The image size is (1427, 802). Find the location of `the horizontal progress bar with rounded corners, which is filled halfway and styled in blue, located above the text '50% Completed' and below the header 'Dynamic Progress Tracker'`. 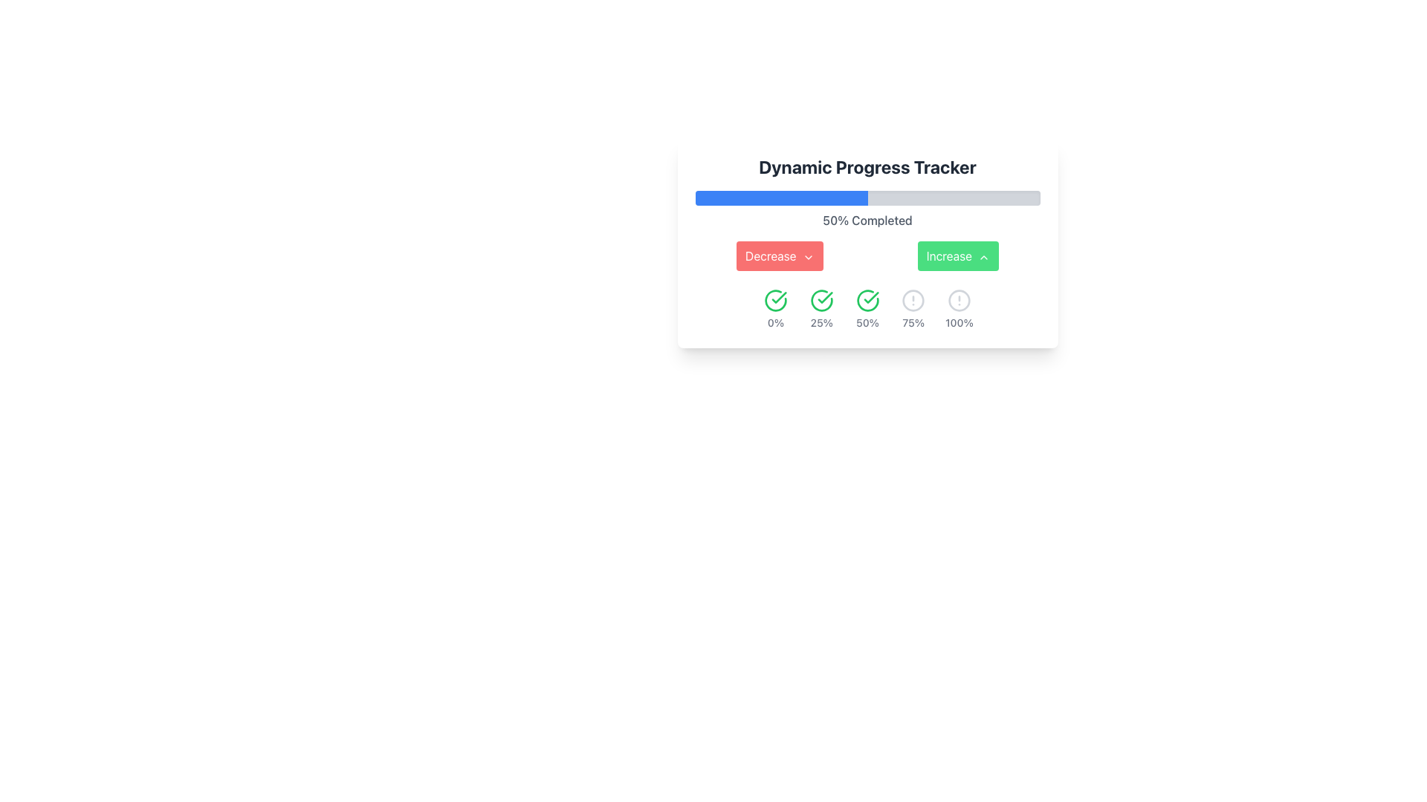

the horizontal progress bar with rounded corners, which is filled halfway and styled in blue, located above the text '50% Completed' and below the header 'Dynamic Progress Tracker' is located at coordinates (867, 197).